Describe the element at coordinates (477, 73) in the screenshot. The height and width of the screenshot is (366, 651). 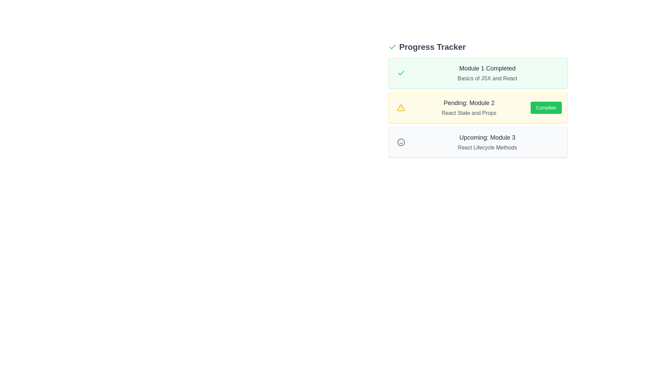
I see `text from the completed Progress Tracker Module Block located below the 'Progress Tracker' heading and above the 'Pending: Module 2 React State and Props' module` at that location.